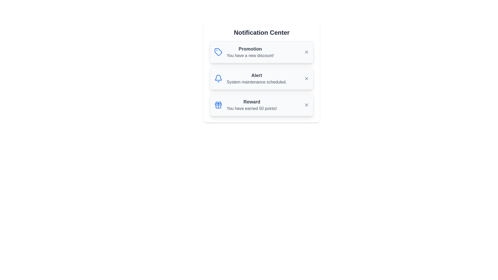 The image size is (498, 280). What do you see at coordinates (261, 52) in the screenshot?
I see `the Notification card located at the topmost position in the Notification Center, which informs the user about a promotion or discount` at bounding box center [261, 52].